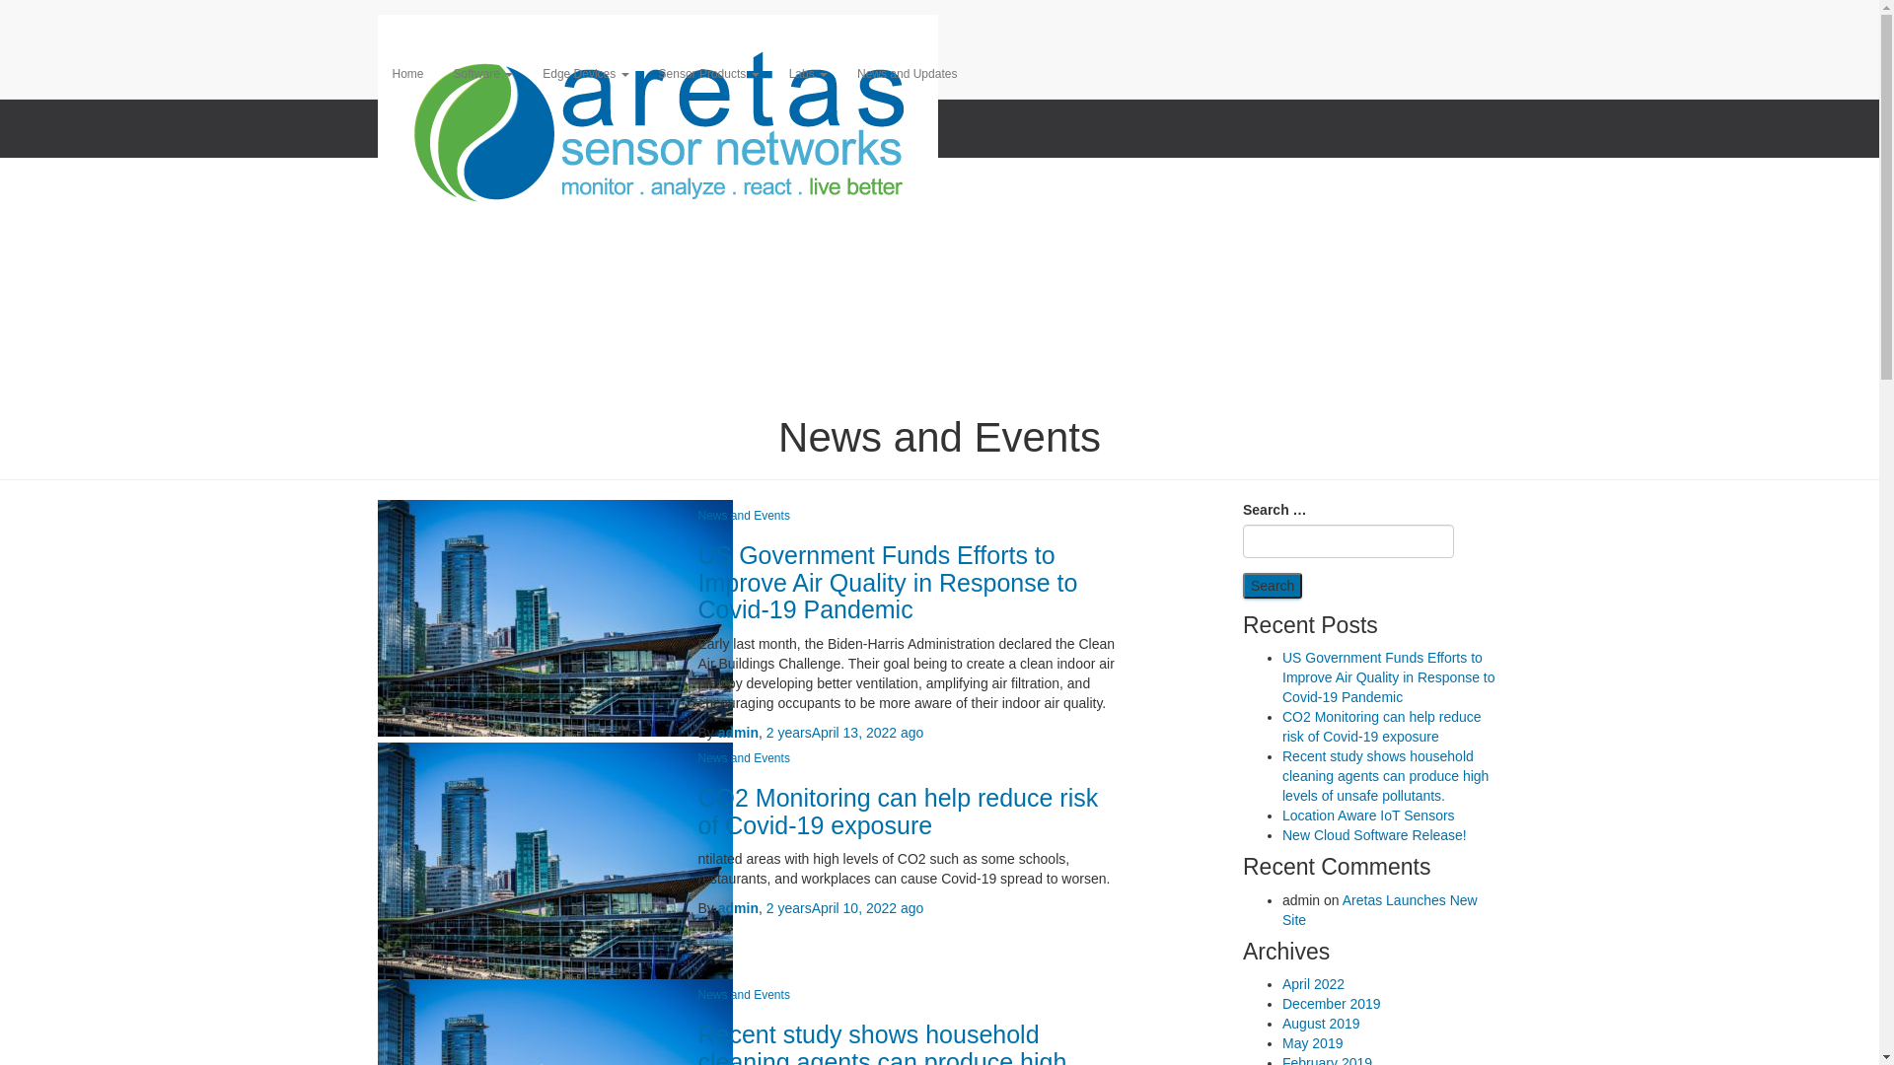 This screenshot has width=1894, height=1065. Describe the element at coordinates (842, 72) in the screenshot. I see `'News and Updates'` at that location.